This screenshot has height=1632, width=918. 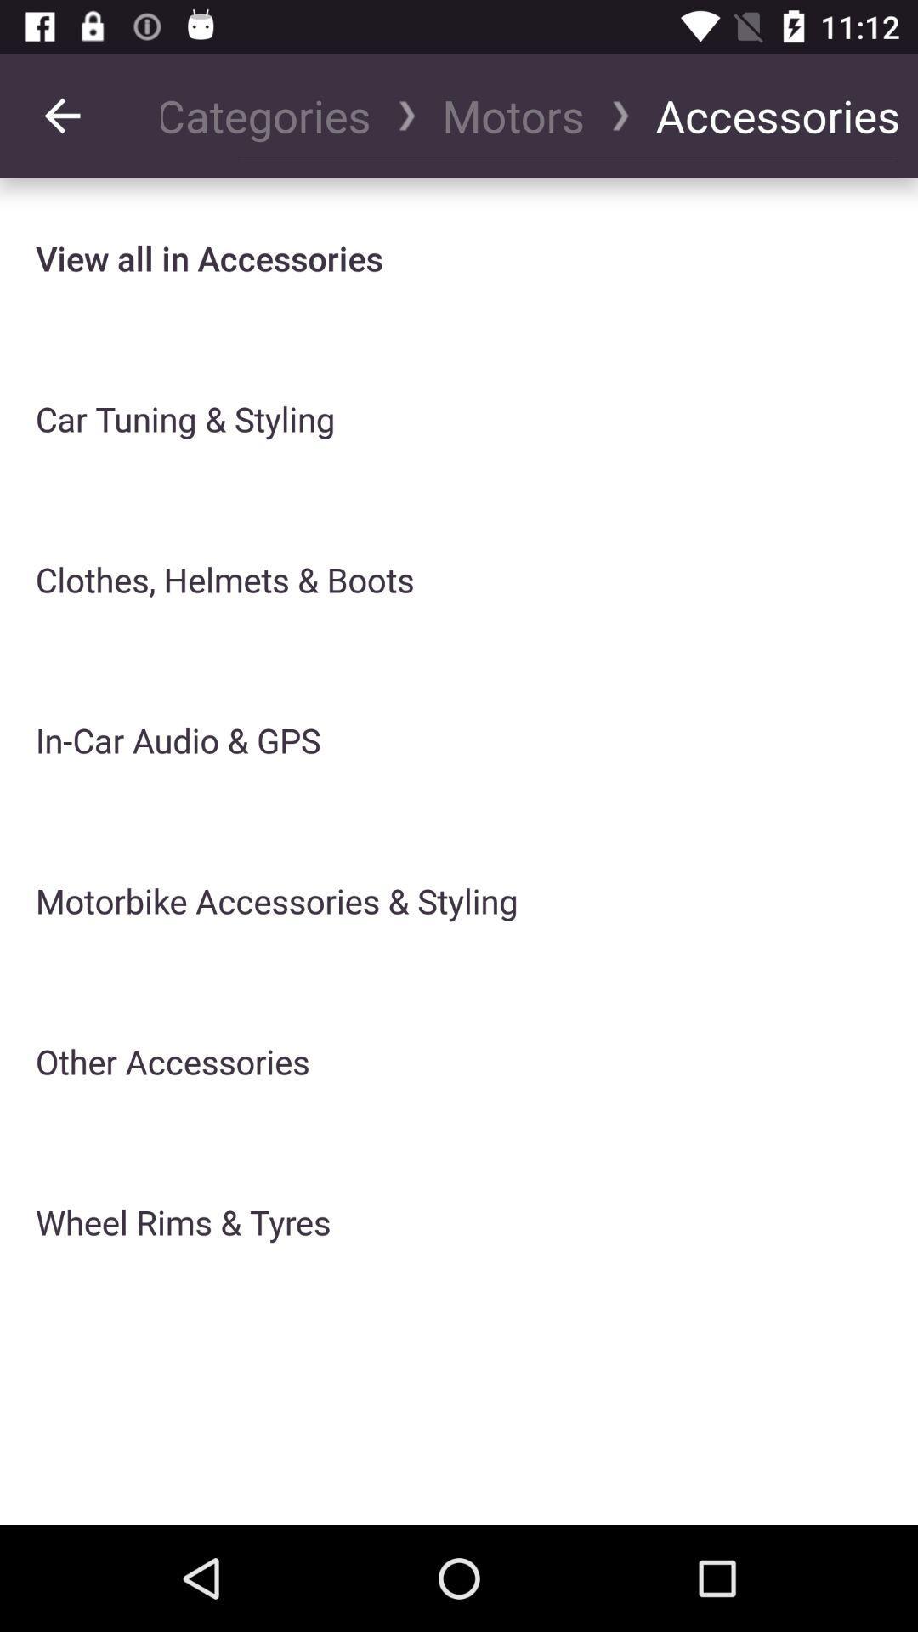 What do you see at coordinates (61, 115) in the screenshot?
I see `icon next to all categories` at bounding box center [61, 115].